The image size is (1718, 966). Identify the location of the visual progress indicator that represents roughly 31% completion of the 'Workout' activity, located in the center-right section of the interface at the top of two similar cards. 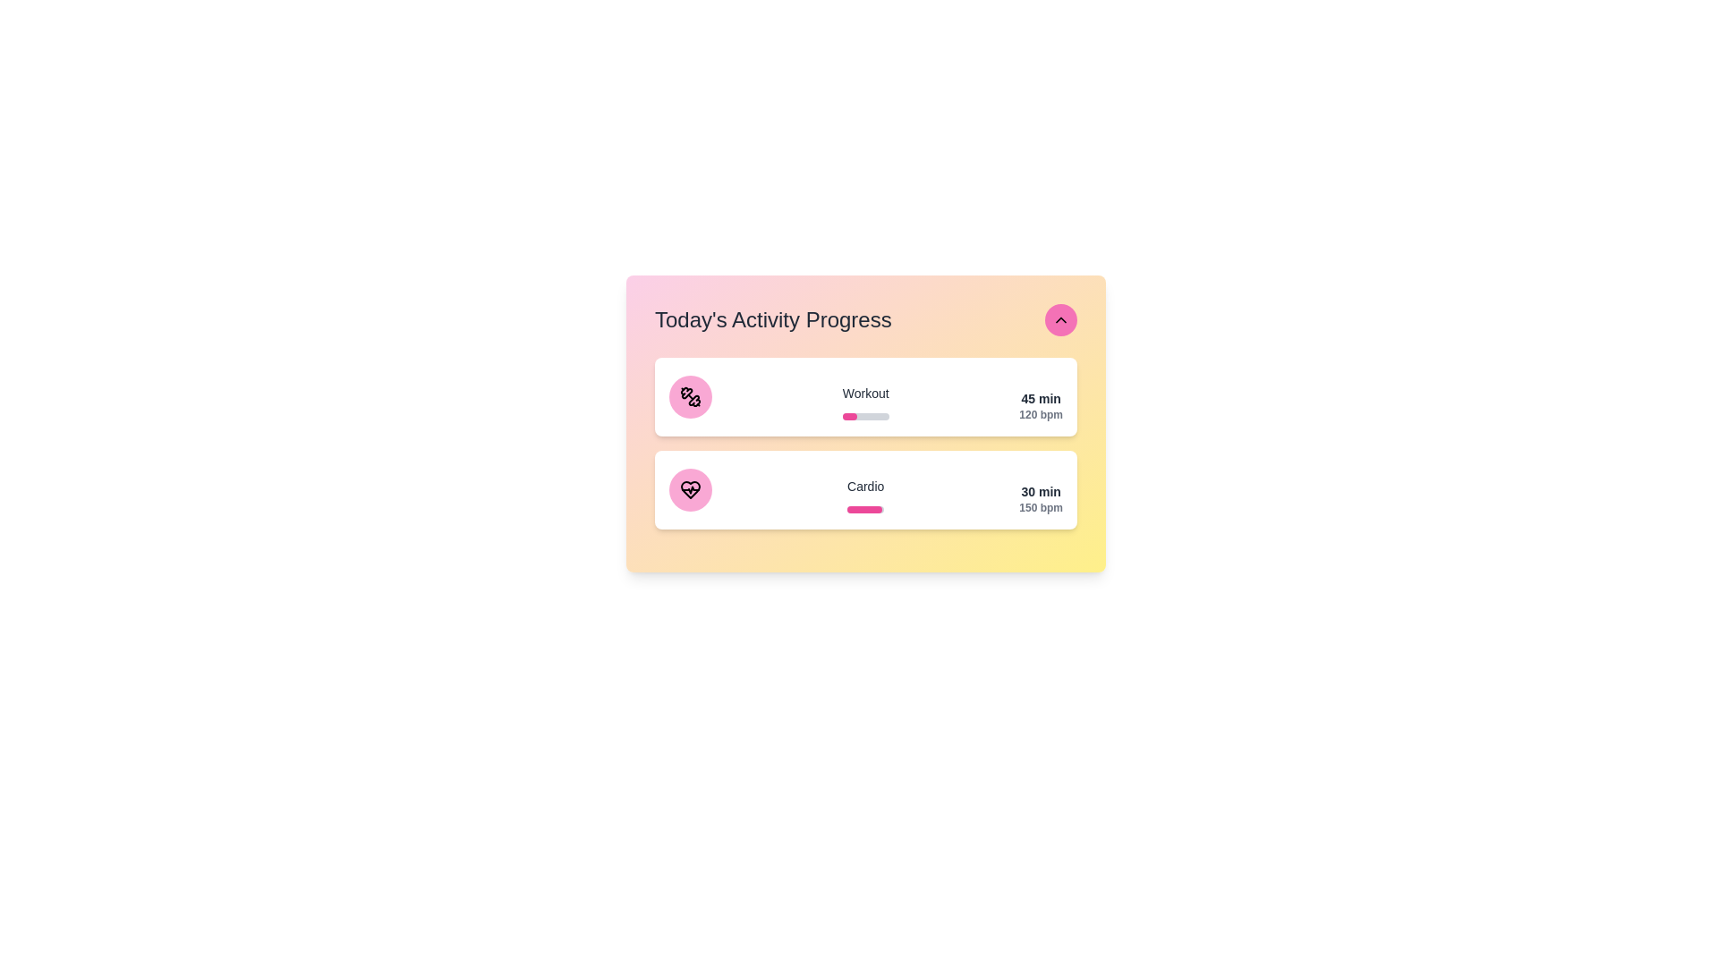
(848, 417).